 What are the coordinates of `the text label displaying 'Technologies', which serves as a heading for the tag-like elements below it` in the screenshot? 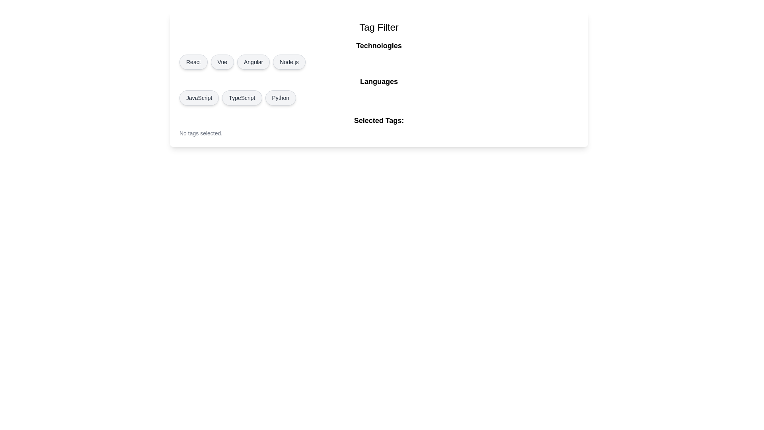 It's located at (378, 46).